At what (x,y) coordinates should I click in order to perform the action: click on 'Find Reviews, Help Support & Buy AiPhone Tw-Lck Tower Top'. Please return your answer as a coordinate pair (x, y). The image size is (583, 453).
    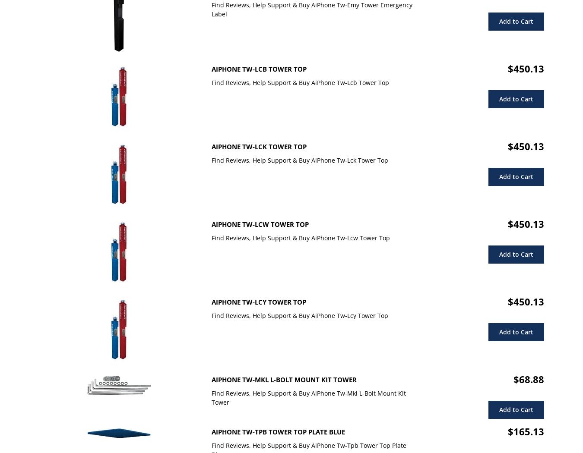
    Looking at the image, I should click on (299, 160).